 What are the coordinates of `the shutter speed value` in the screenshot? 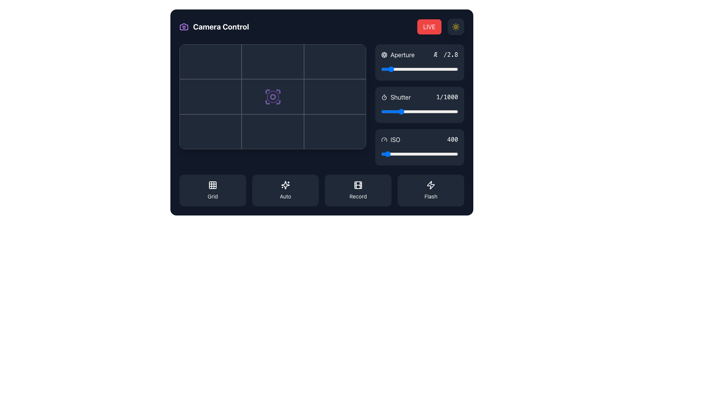 It's located at (441, 111).